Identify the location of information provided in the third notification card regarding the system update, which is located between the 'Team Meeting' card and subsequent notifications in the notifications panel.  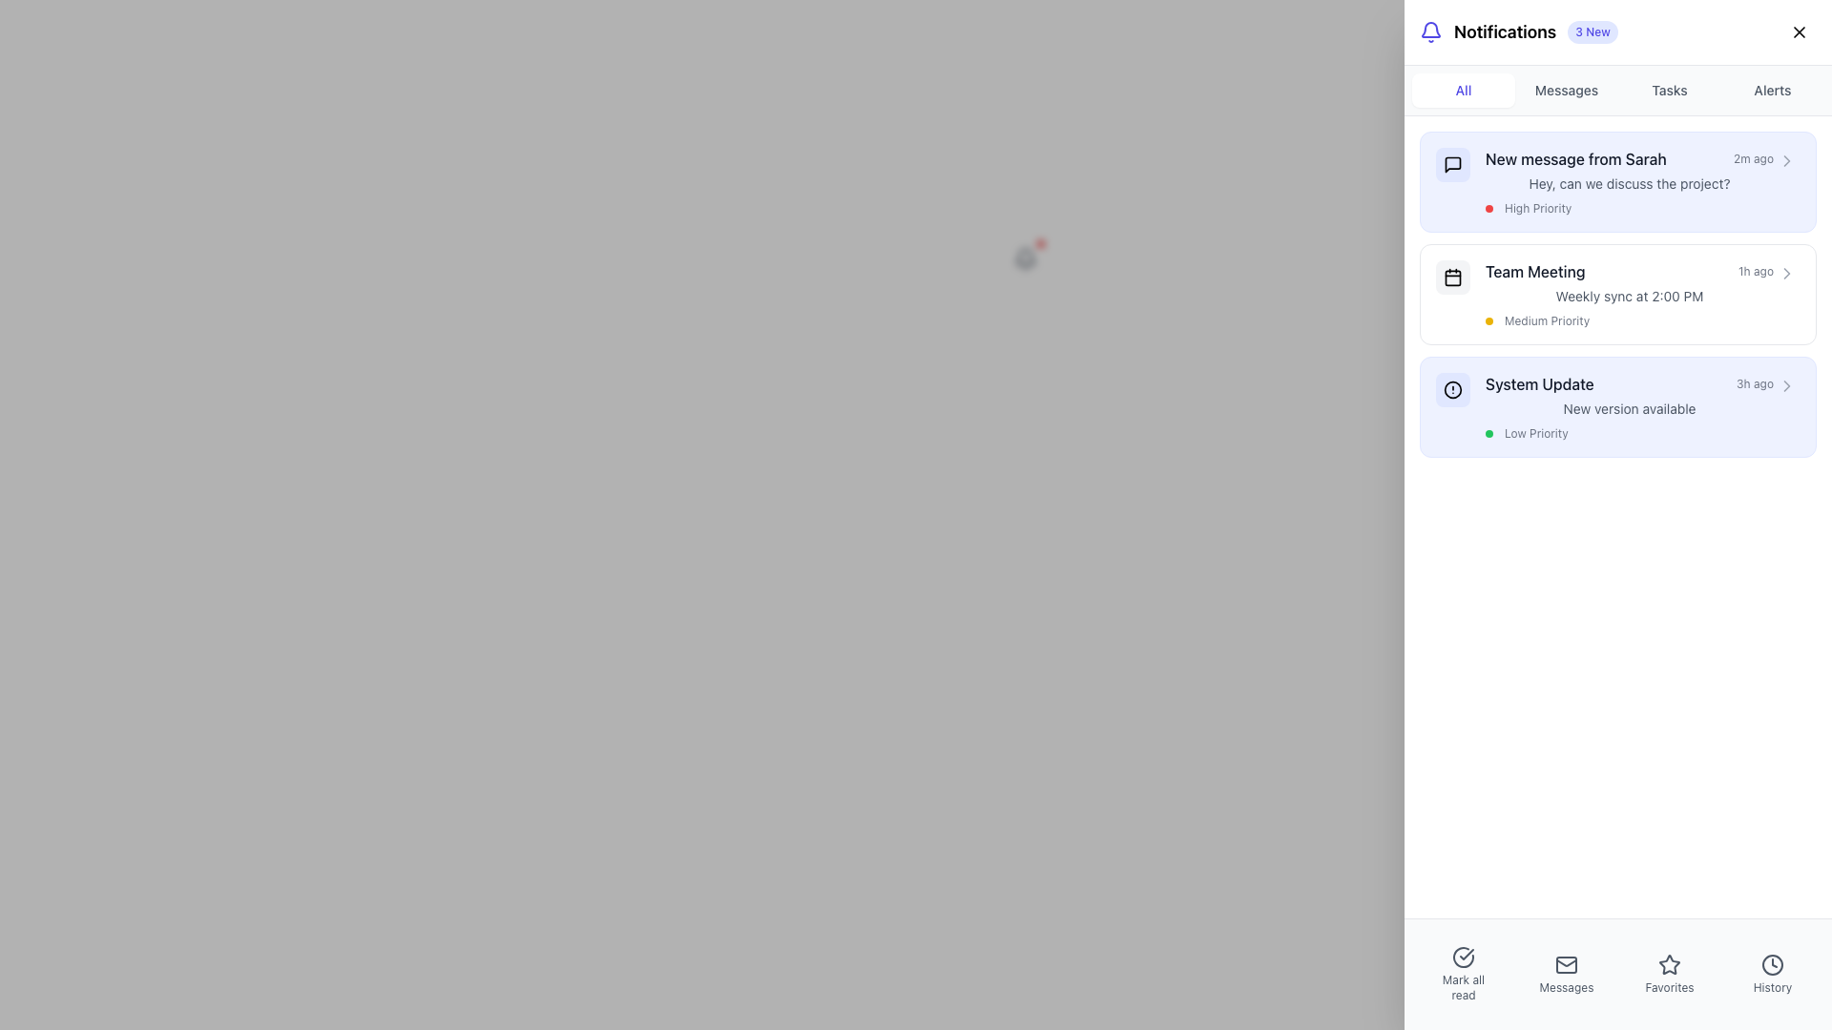
(1616, 406).